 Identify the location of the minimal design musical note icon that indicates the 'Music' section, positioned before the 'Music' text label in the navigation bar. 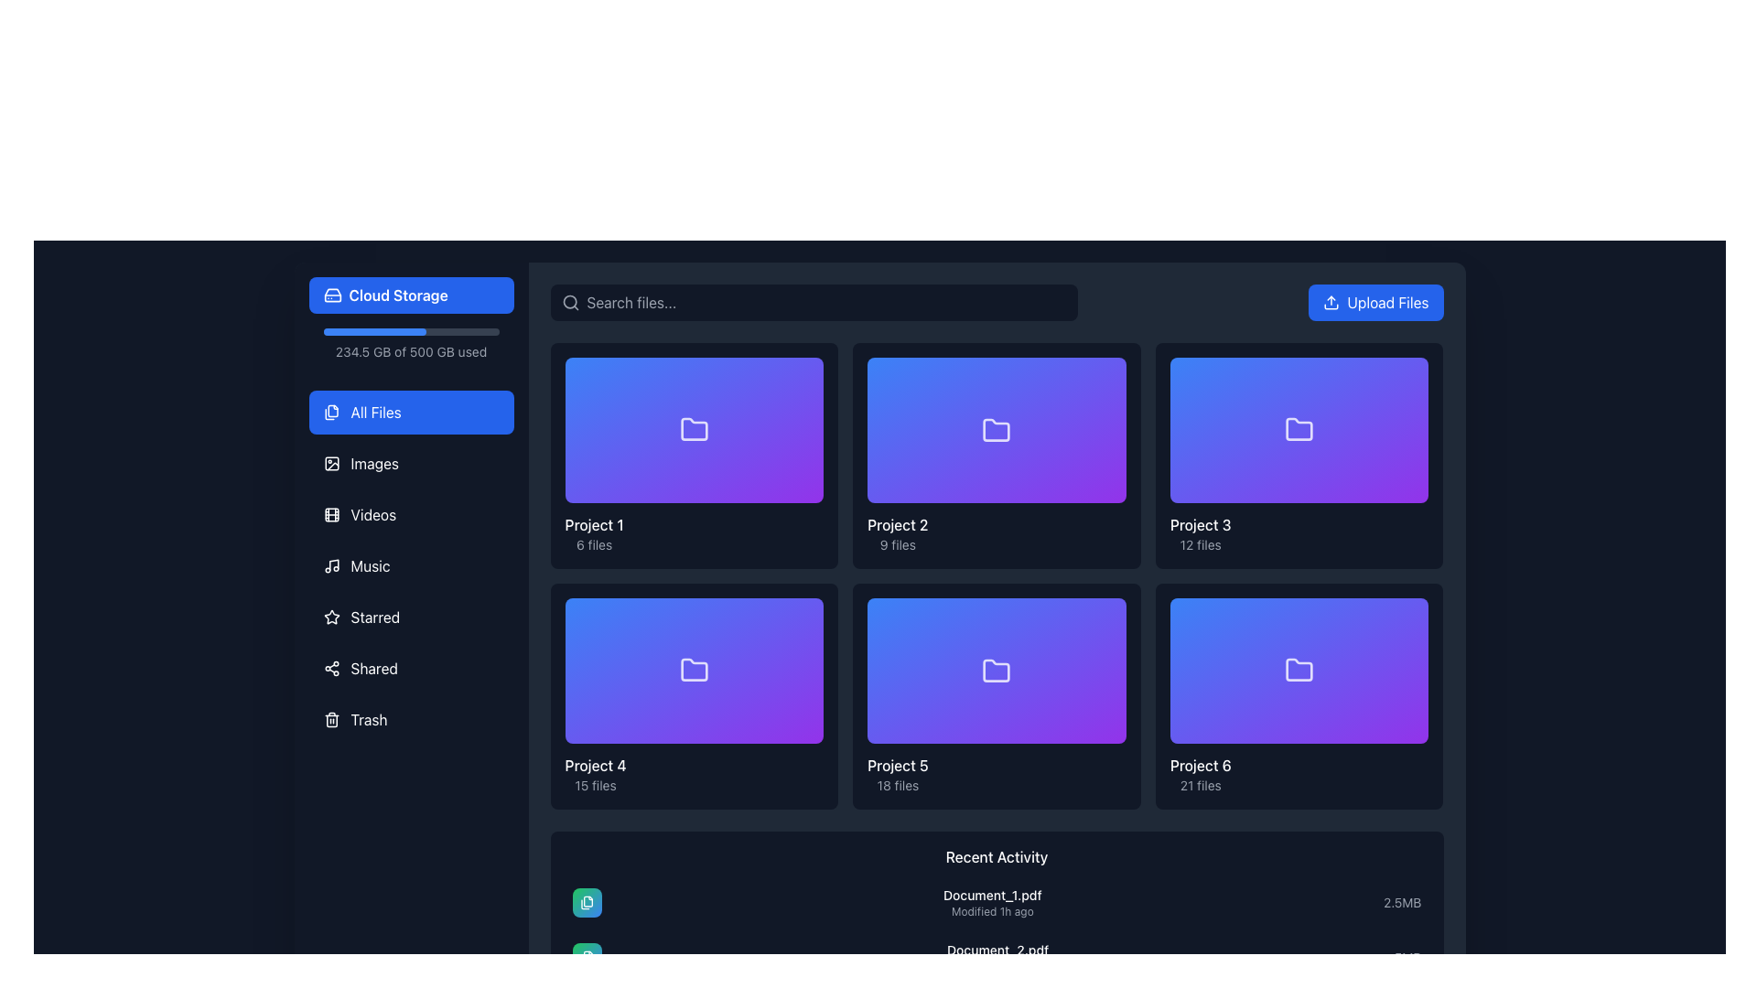
(331, 564).